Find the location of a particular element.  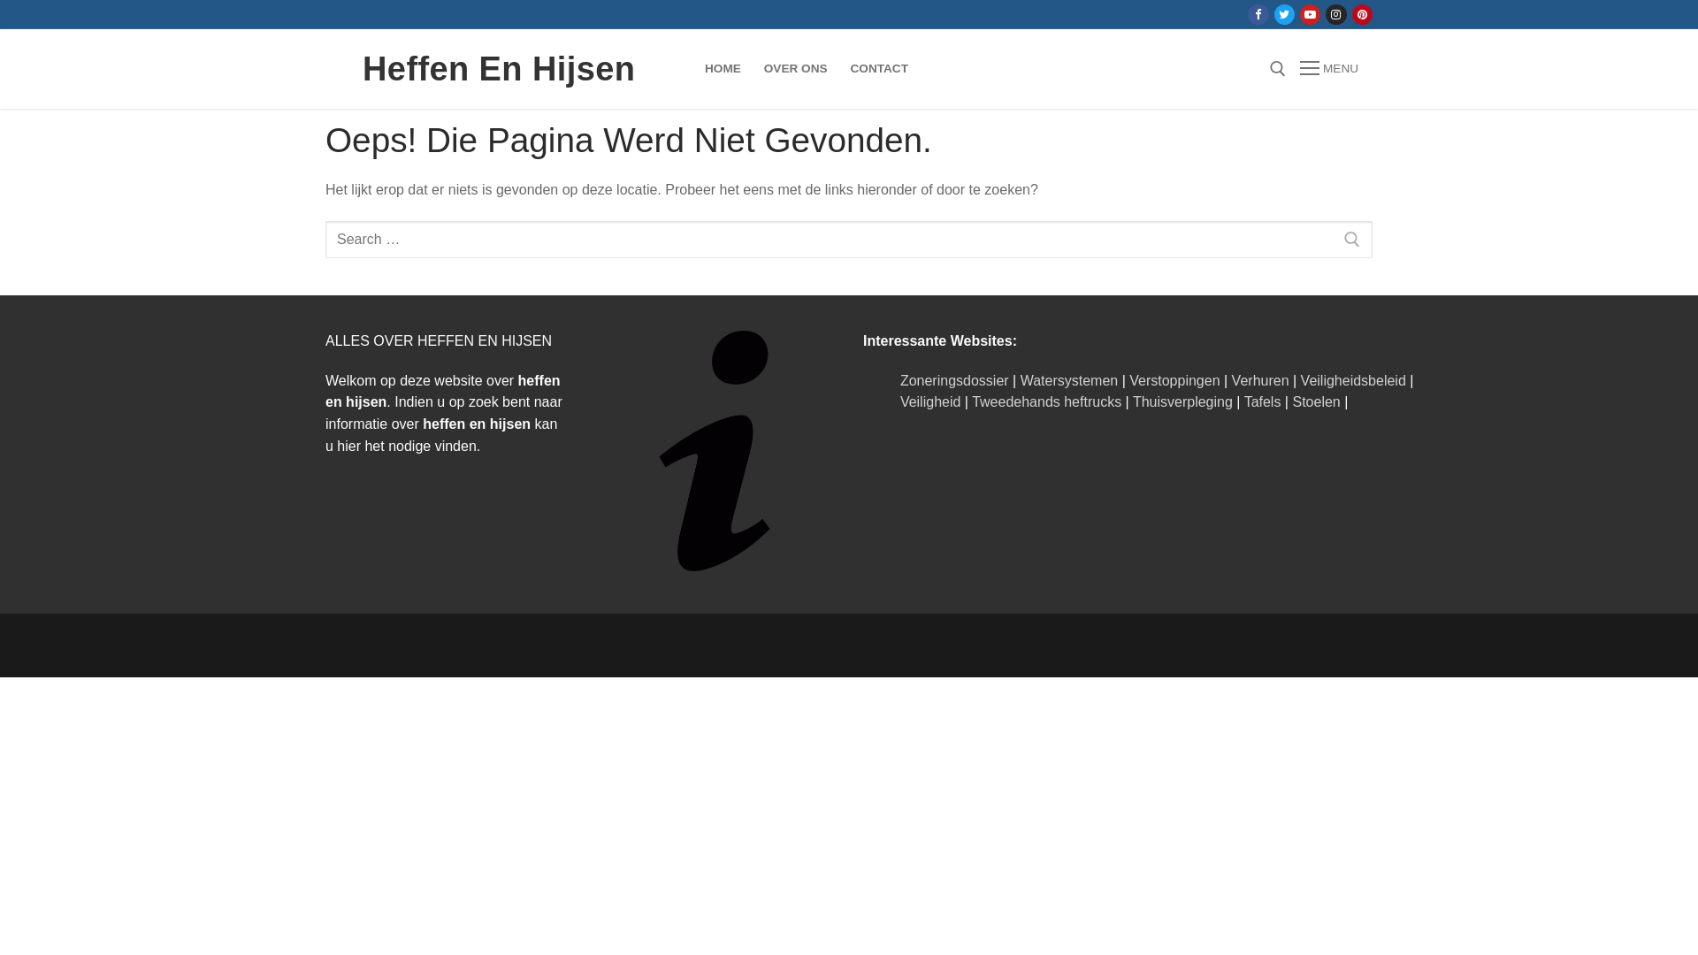

'Spring naar de inhoud' is located at coordinates (0, 0).